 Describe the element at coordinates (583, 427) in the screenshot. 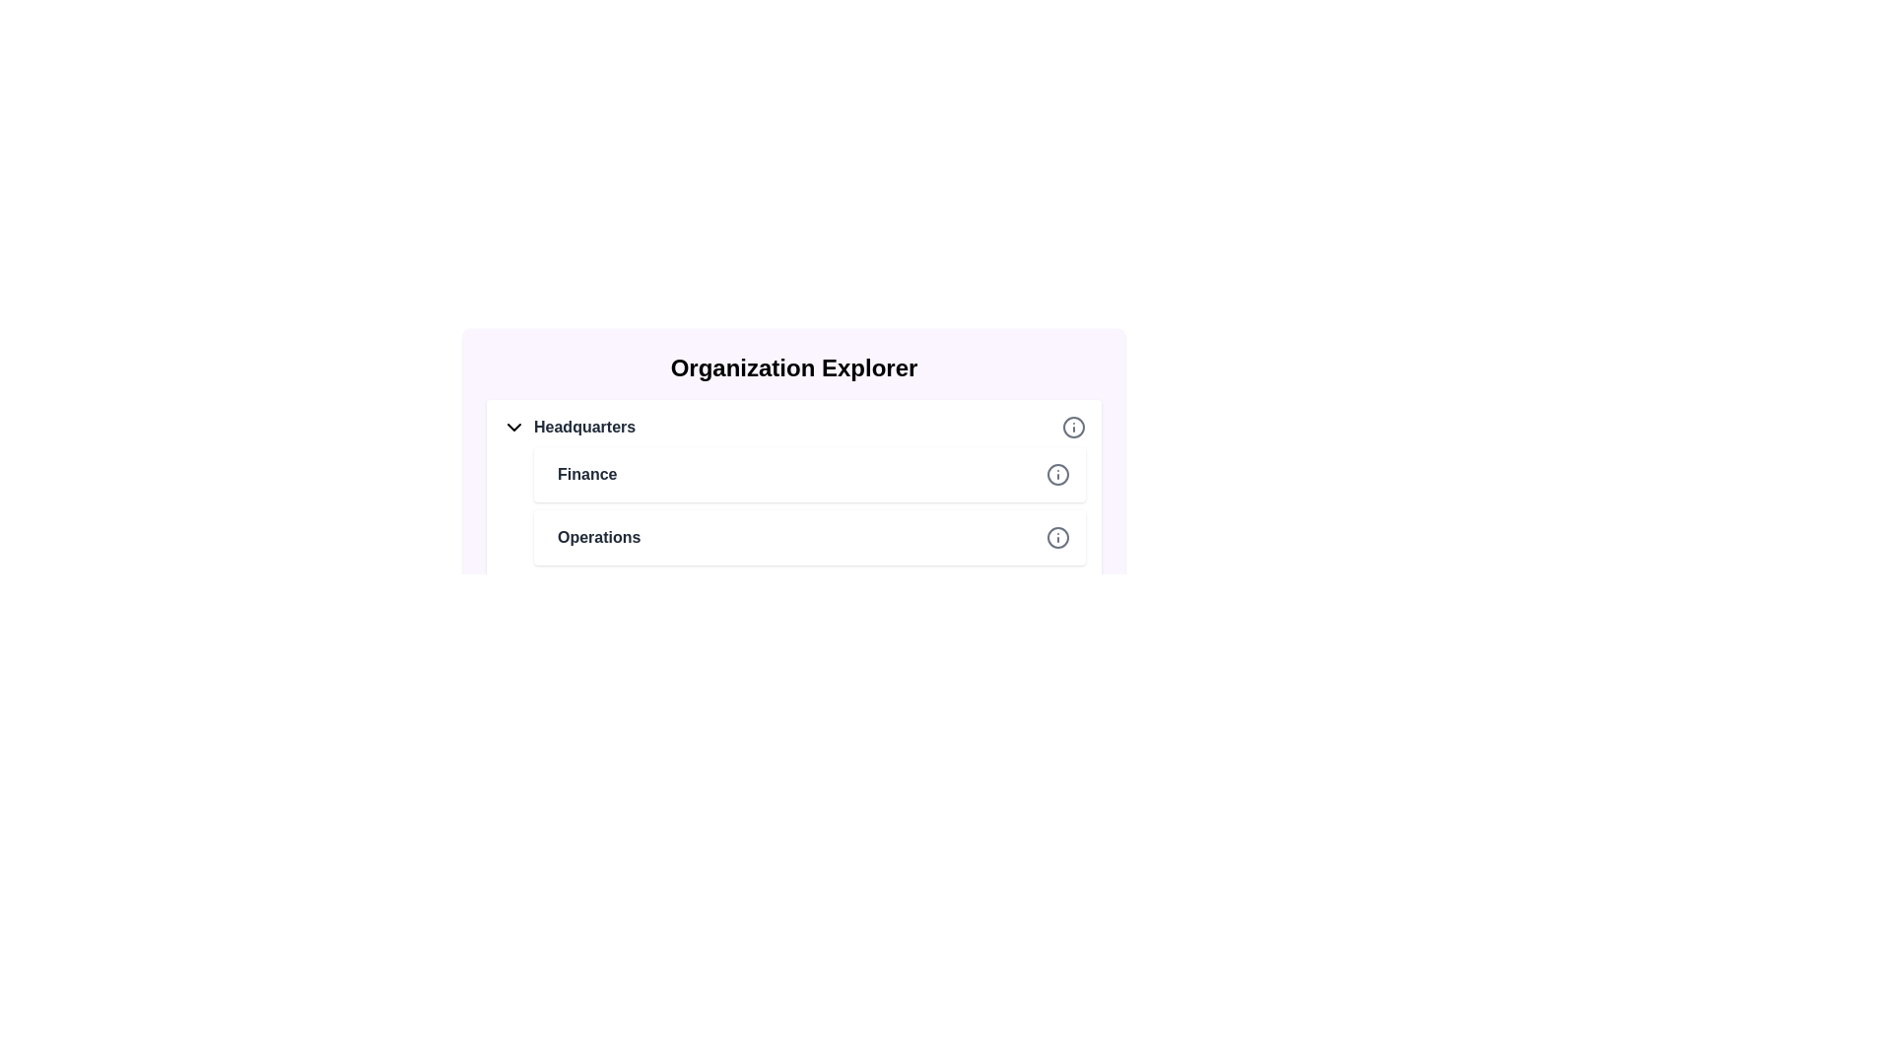

I see `the text content of the 'Headquarters' label, which is bold and dark gray, located within the 'Organization Explorer' section, next to the leftward arrow icon` at that location.